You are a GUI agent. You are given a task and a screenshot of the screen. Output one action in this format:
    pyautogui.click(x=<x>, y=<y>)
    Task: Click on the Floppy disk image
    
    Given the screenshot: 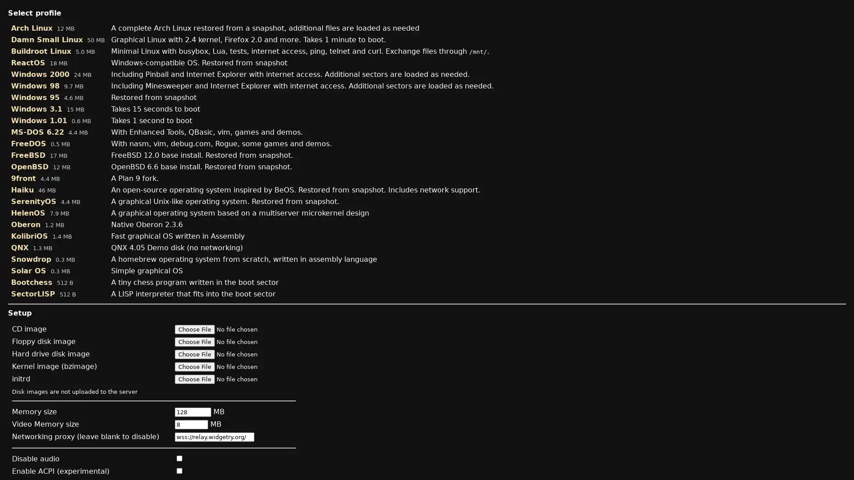 What is the action you would take?
    pyautogui.click(x=235, y=341)
    